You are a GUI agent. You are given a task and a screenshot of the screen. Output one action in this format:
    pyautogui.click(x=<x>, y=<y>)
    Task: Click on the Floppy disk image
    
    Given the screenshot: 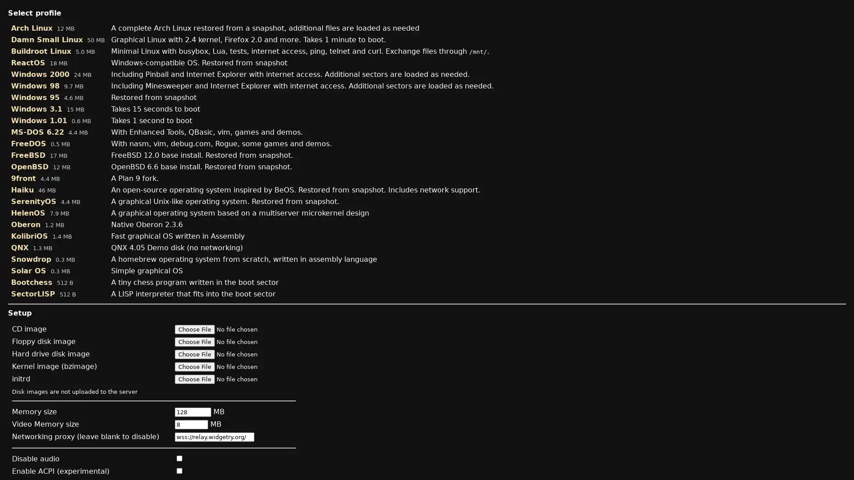 What is the action you would take?
    pyautogui.click(x=235, y=341)
    